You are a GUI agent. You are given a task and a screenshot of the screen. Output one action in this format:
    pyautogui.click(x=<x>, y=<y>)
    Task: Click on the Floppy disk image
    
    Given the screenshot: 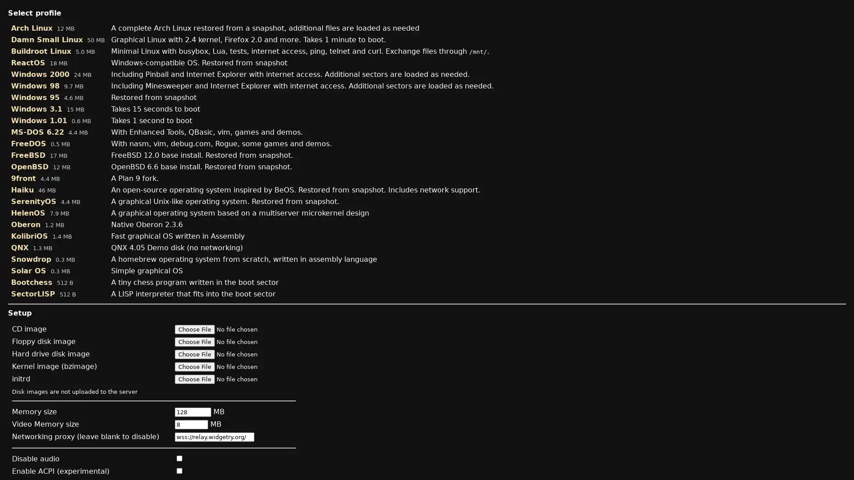 What is the action you would take?
    pyautogui.click(x=235, y=341)
    